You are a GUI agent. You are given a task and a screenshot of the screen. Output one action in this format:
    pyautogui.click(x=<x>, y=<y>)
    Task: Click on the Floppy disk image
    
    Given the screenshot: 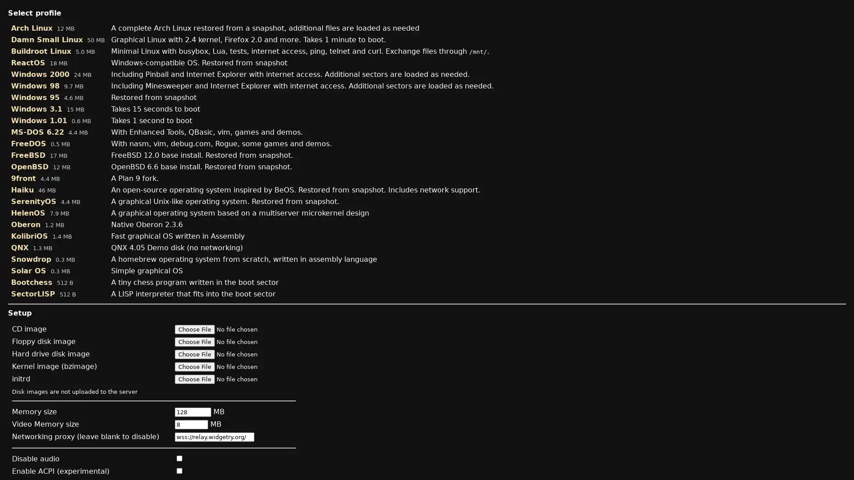 What is the action you would take?
    pyautogui.click(x=235, y=341)
    